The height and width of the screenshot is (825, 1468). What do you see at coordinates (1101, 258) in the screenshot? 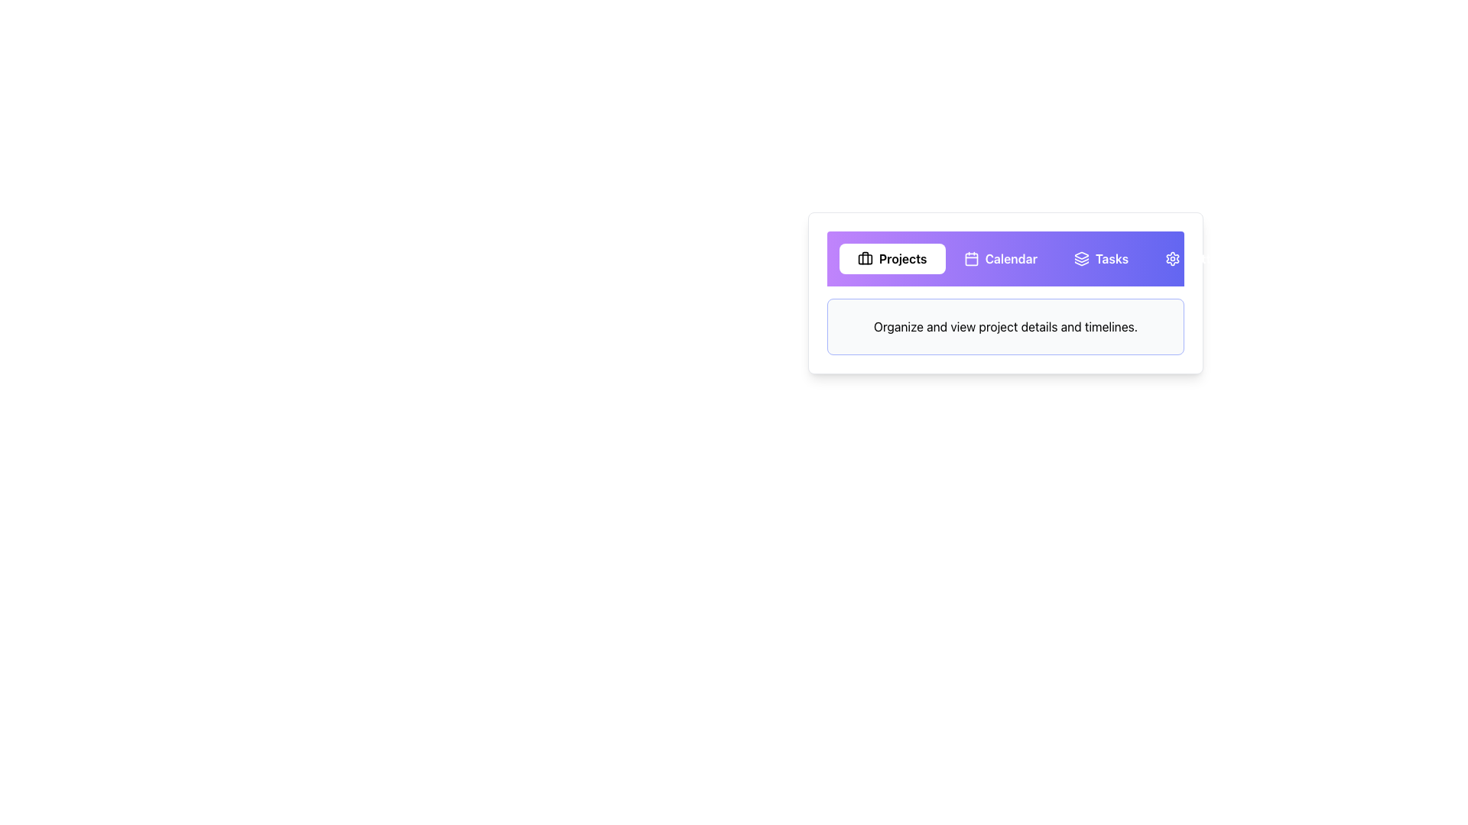
I see `the 'Tasks' button with a purple background and white text` at bounding box center [1101, 258].